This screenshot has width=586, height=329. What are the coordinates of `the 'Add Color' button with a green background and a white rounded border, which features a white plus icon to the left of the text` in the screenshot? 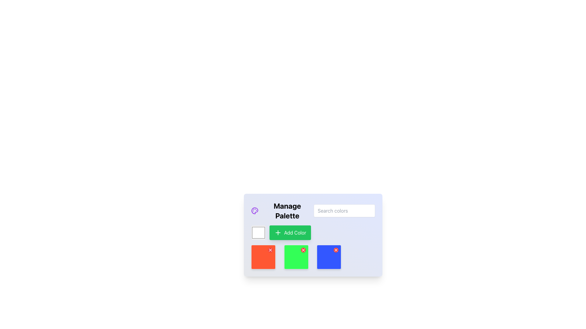 It's located at (290, 232).